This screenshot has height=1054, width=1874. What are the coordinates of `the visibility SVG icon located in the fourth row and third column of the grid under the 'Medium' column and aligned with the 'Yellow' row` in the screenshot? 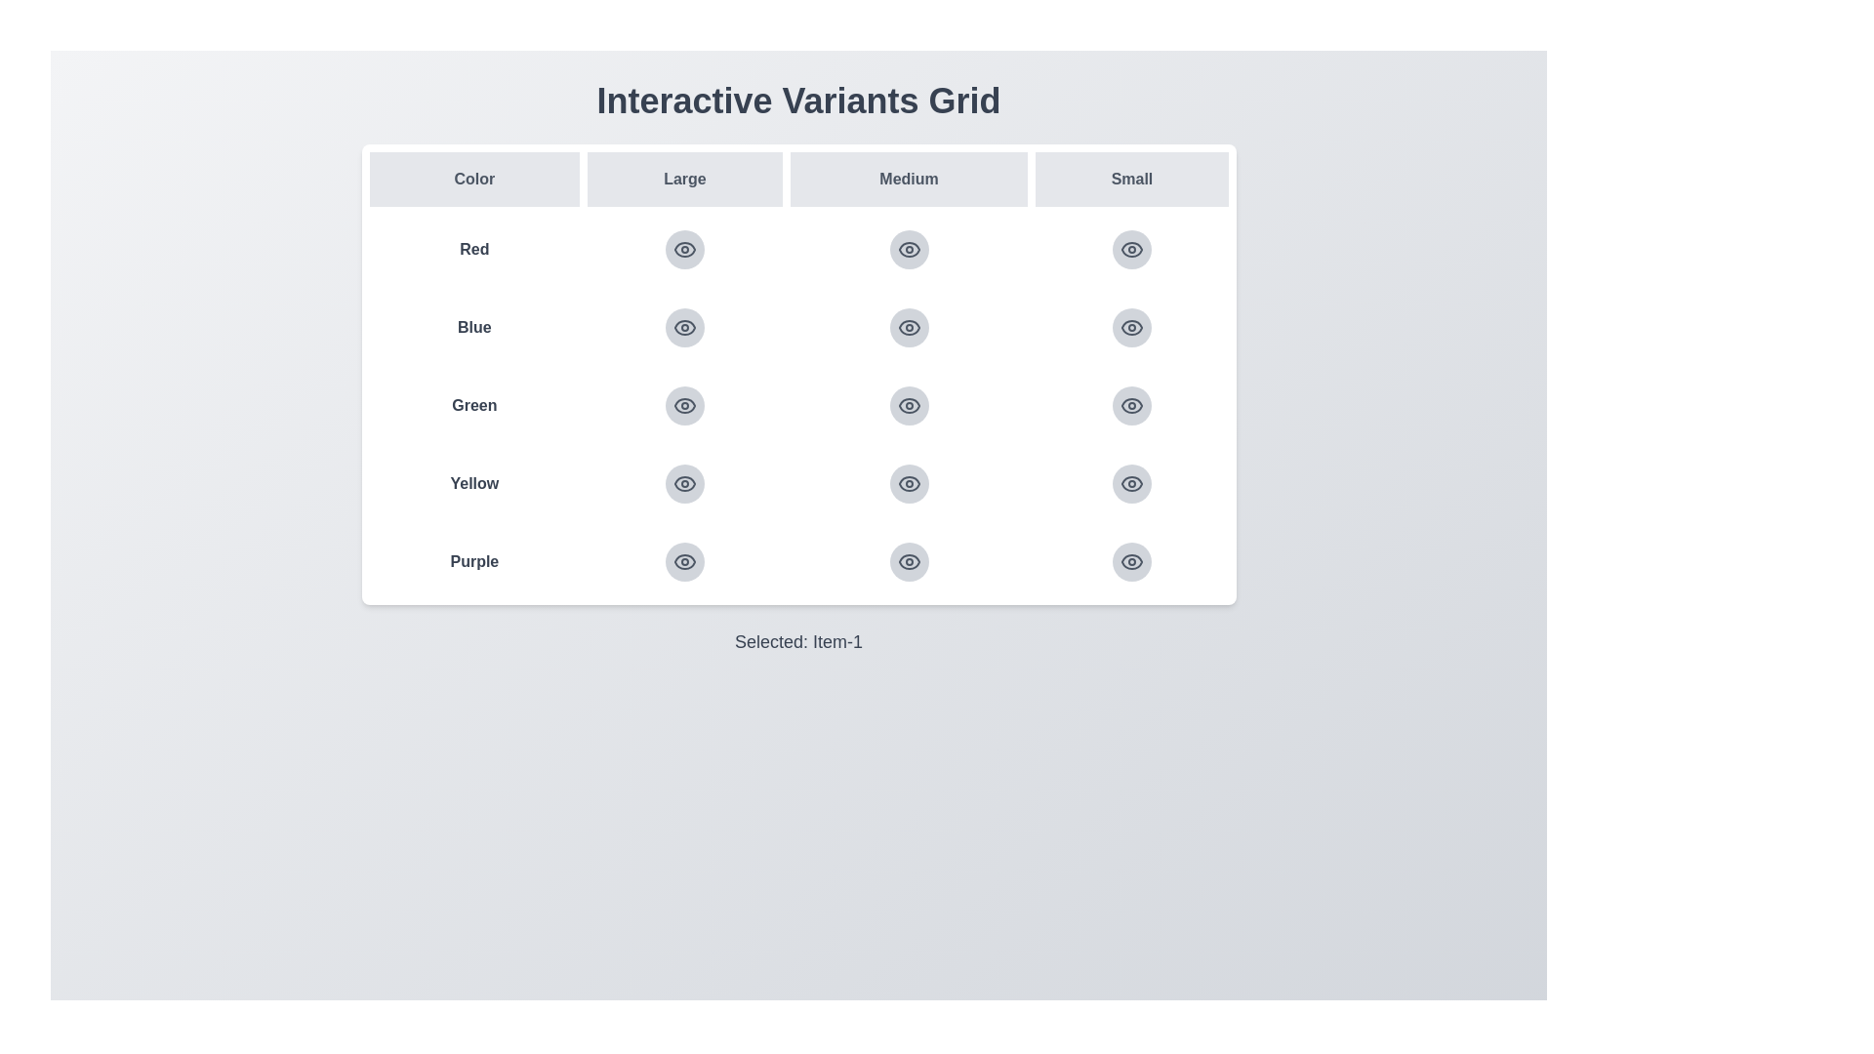 It's located at (908, 483).